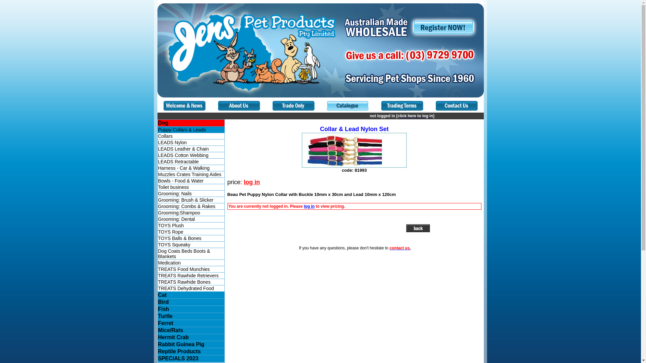  What do you see at coordinates (190, 232) in the screenshot?
I see `'TOYS Rope'` at bounding box center [190, 232].